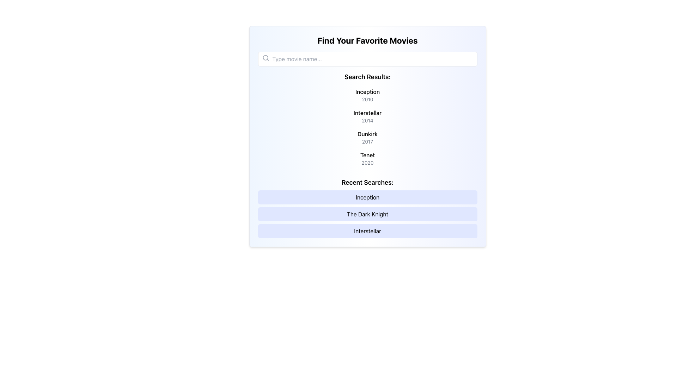 The image size is (677, 380). What do you see at coordinates (265, 57) in the screenshot?
I see `the SVG circle representing the loop of the magnifying glass icon for the search function located at the left side of the search bar` at bounding box center [265, 57].